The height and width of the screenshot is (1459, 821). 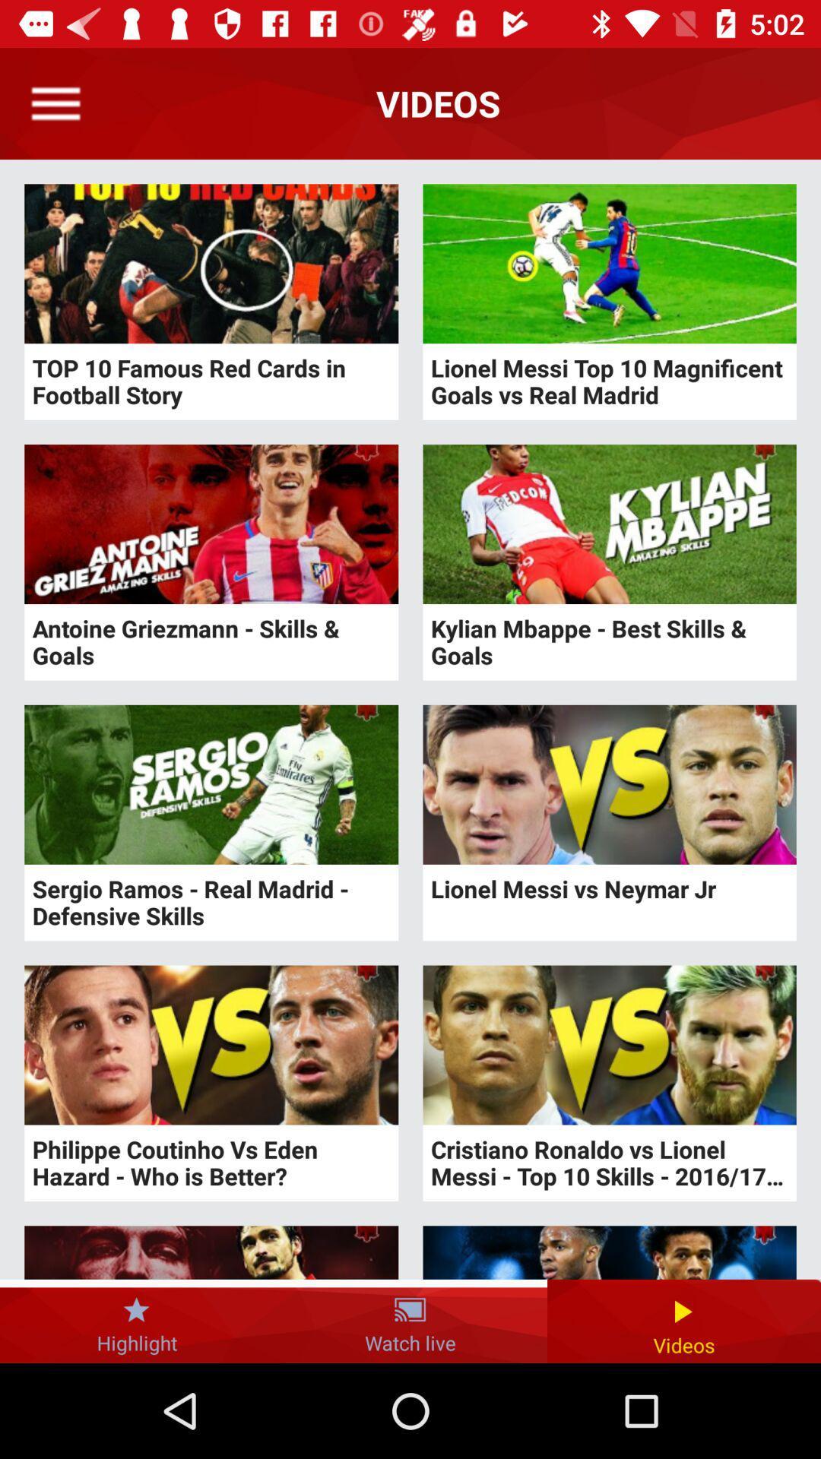 I want to click on menu options, so click(x=55, y=103).